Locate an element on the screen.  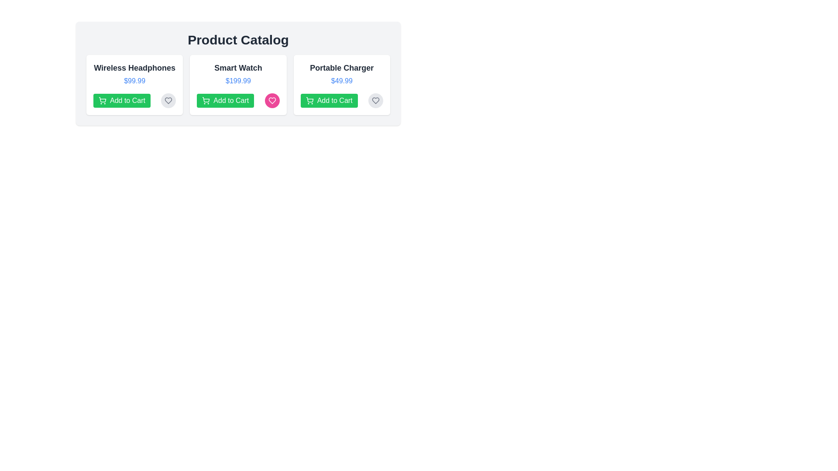
the name of the product Wireless Headphones from the list is located at coordinates (134, 67).